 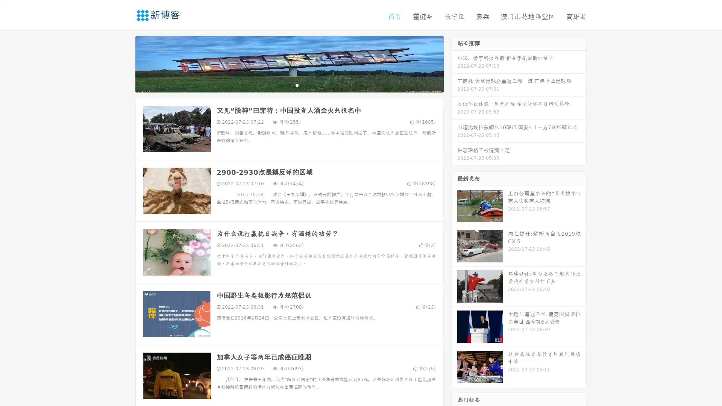 What do you see at coordinates (289, 85) in the screenshot?
I see `Go to slide 2` at bounding box center [289, 85].